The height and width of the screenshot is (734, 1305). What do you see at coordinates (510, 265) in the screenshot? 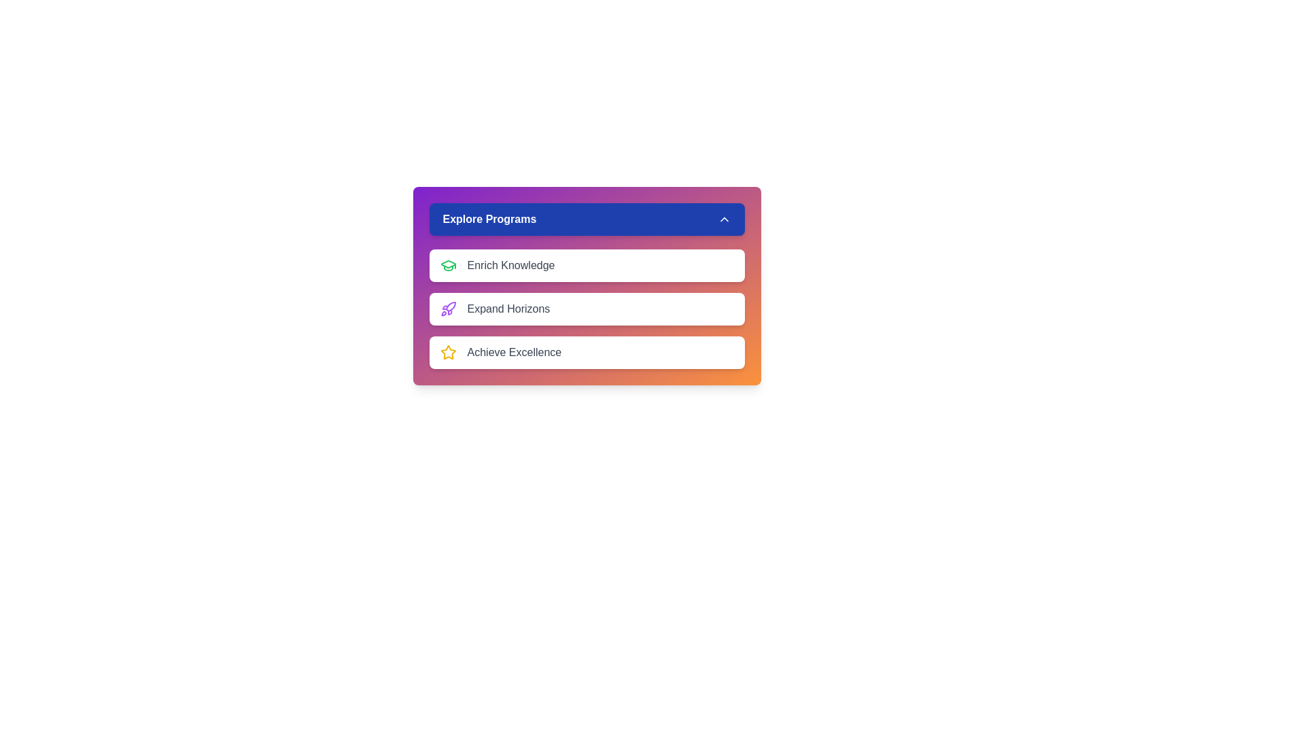
I see `the 'Enrich Knowledge' text label` at bounding box center [510, 265].